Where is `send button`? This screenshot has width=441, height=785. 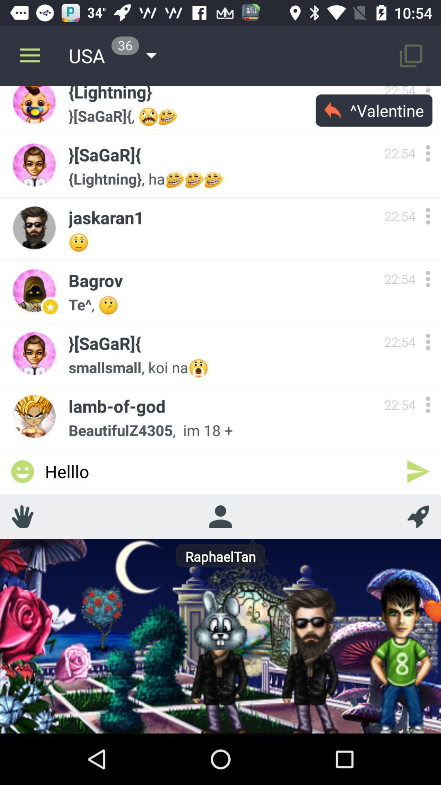
send button is located at coordinates (418, 471).